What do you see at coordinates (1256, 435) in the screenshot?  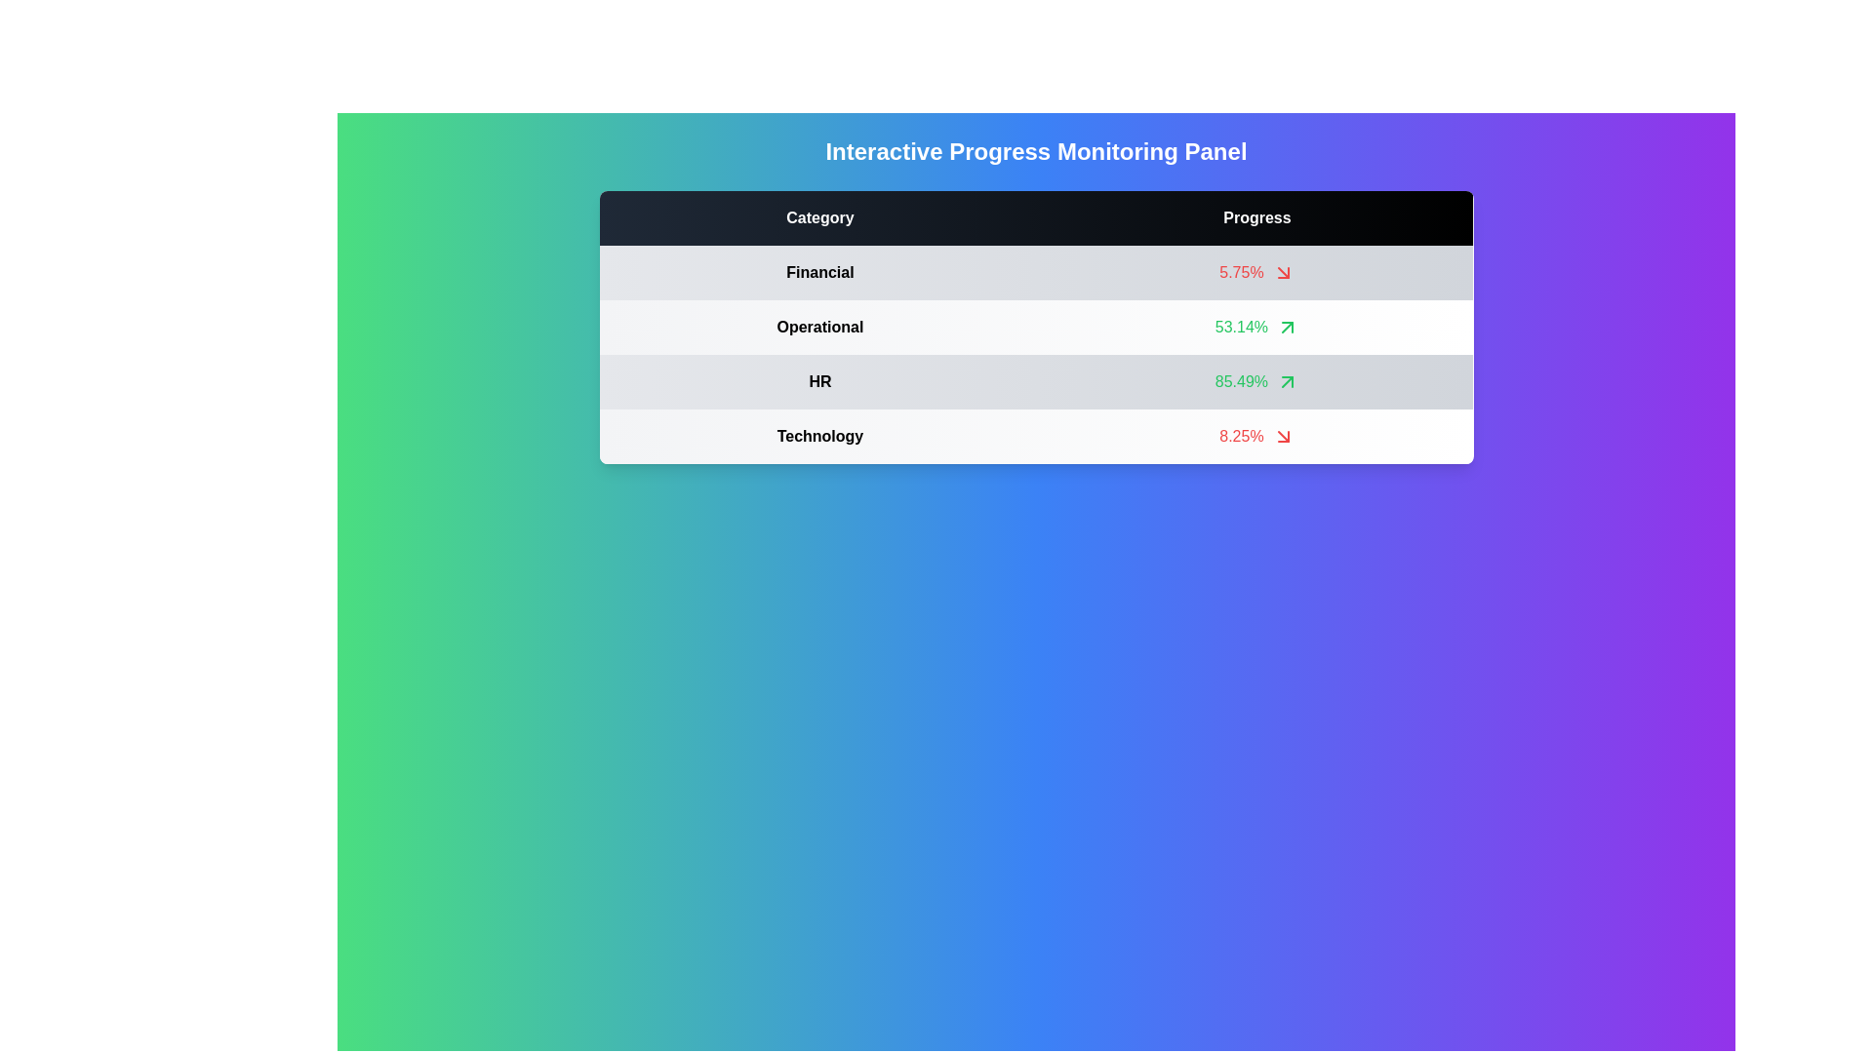 I see `the row corresponding to the Technology category` at bounding box center [1256, 435].